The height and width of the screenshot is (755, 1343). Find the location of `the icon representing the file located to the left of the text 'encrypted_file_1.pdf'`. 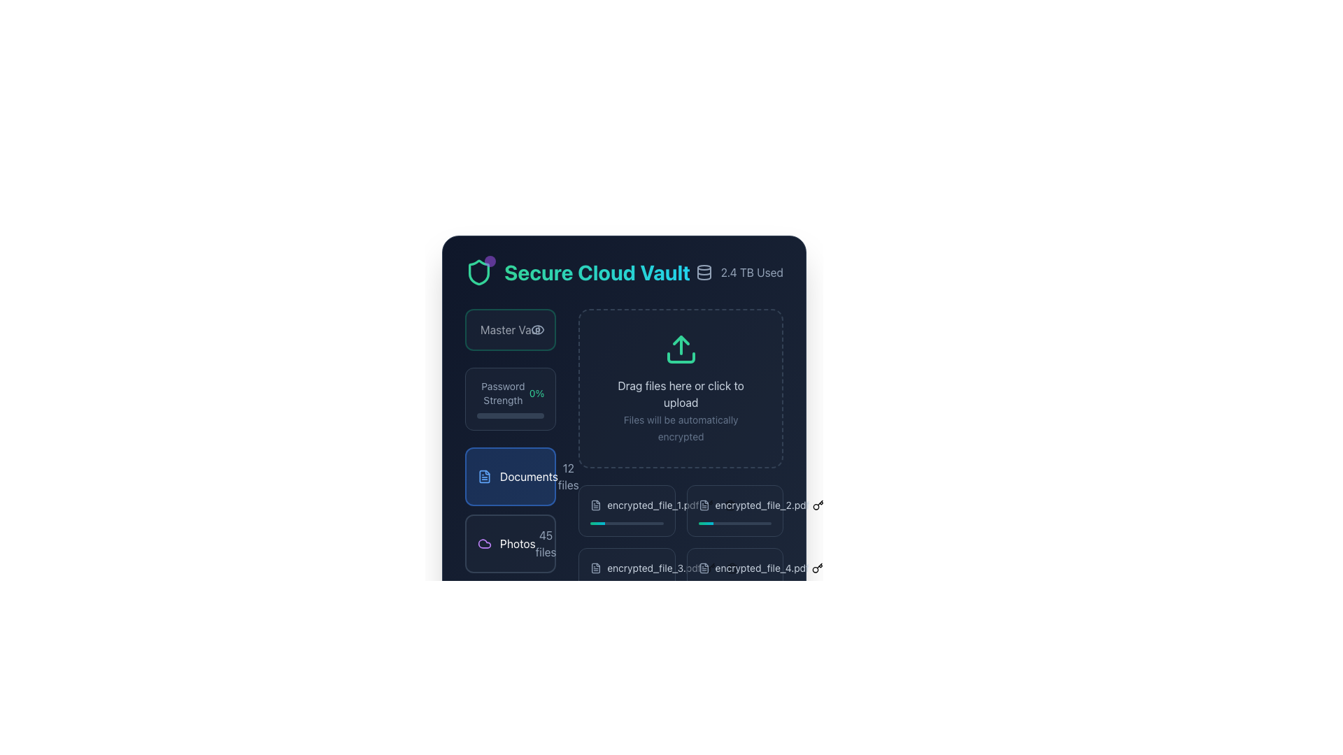

the icon representing the file located to the left of the text 'encrypted_file_1.pdf' is located at coordinates (596, 505).